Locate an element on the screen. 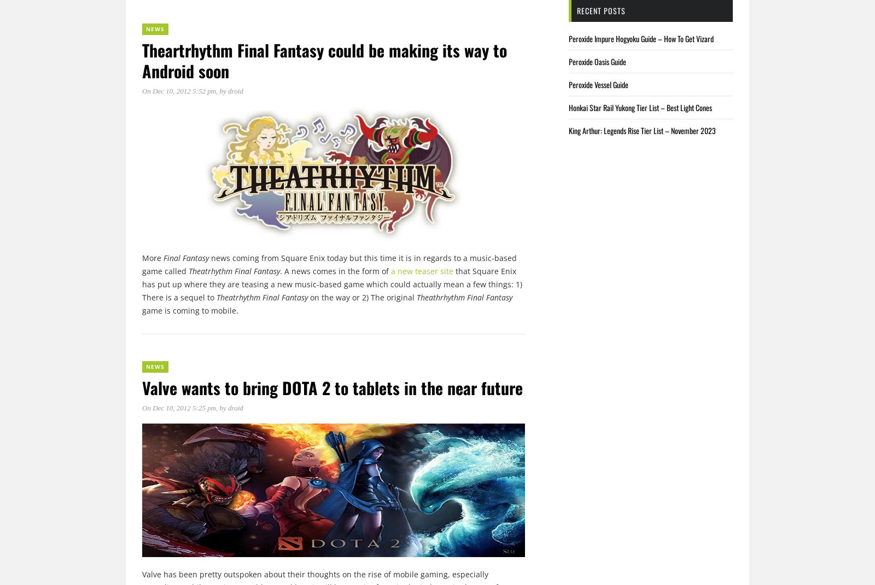 The image size is (875, 585). 'King Arthur: Legends Rise Tier List – November 2023' is located at coordinates (642, 130).